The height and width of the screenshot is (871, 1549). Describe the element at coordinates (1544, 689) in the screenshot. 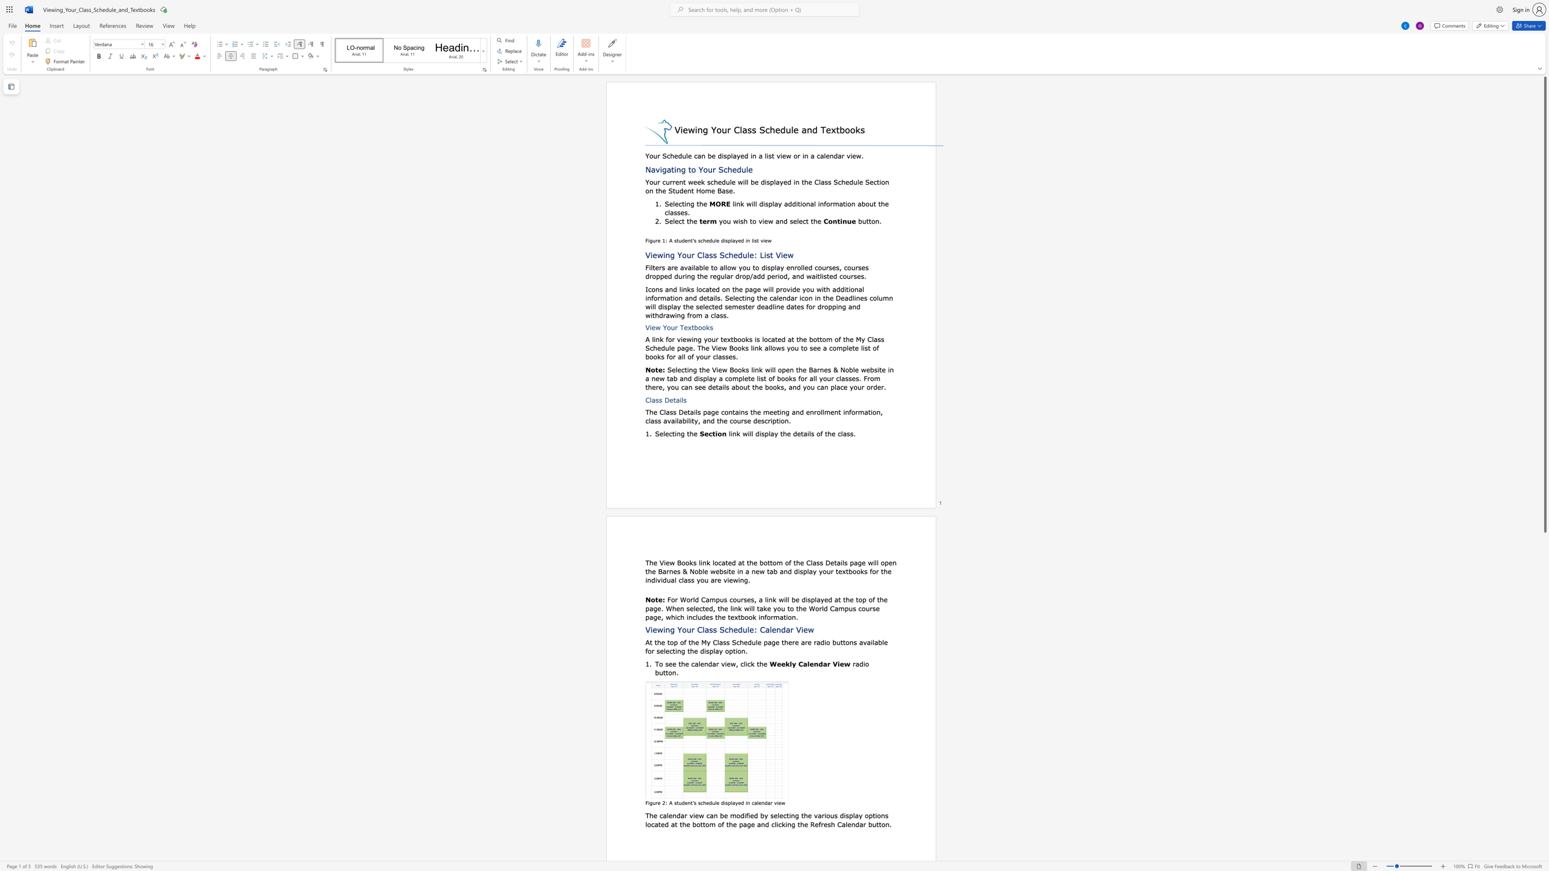

I see `the scrollbar to move the content lower` at that location.